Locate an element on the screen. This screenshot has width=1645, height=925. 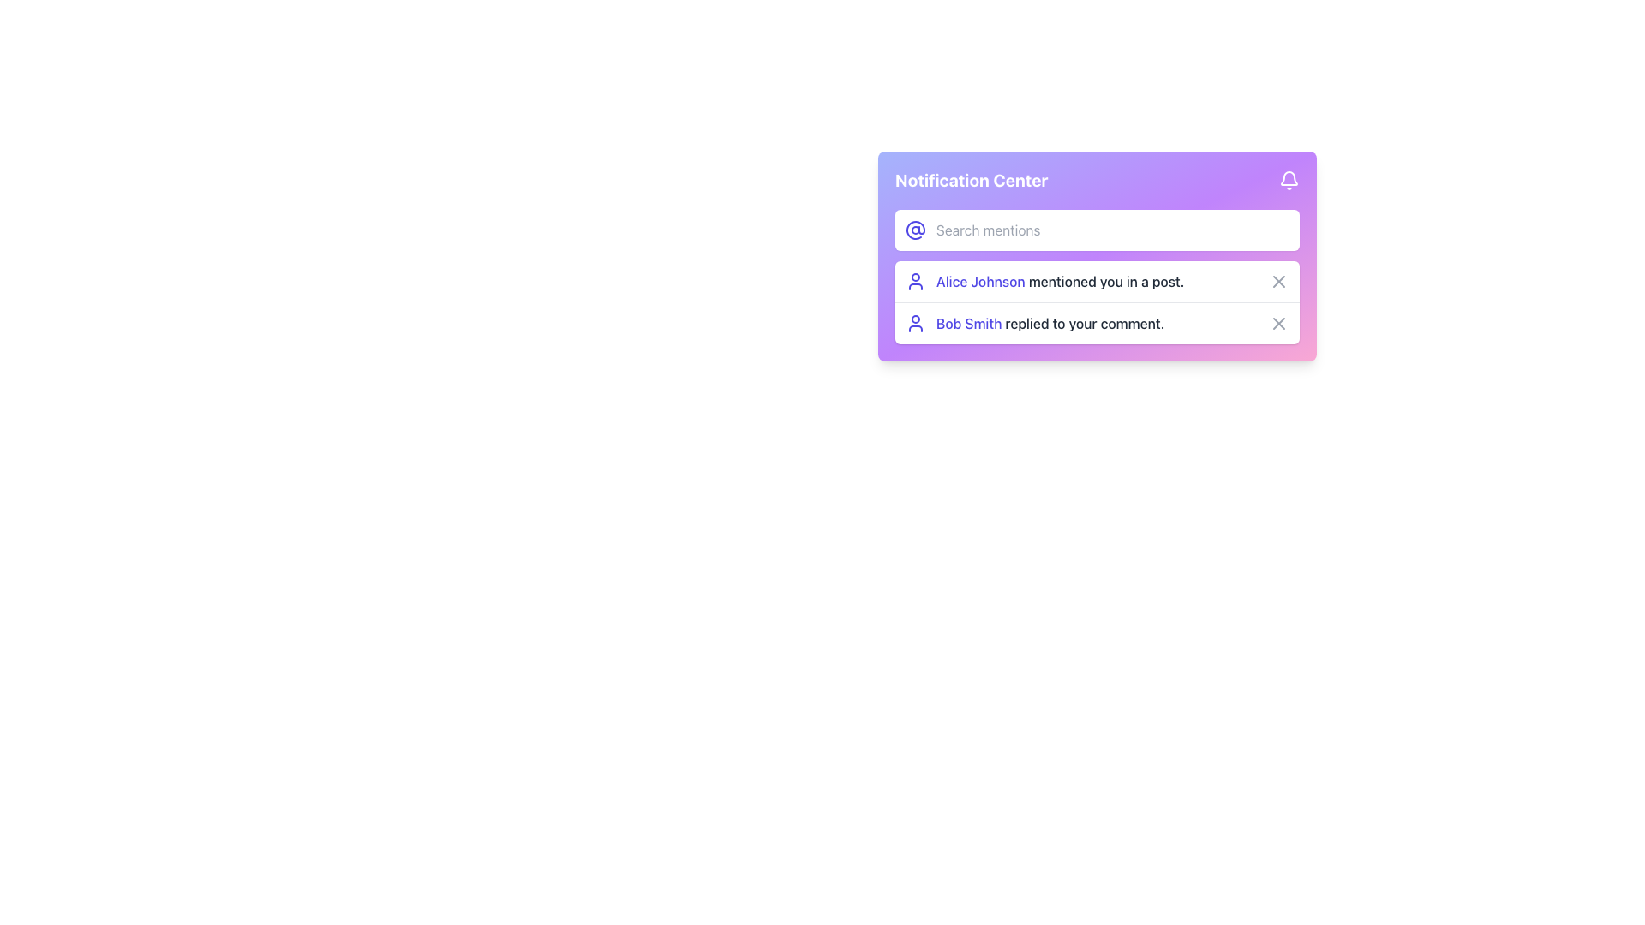
the text display that says 'Alice Johnson mentioned you in a post.' in the Notification Center is located at coordinates (1059, 280).